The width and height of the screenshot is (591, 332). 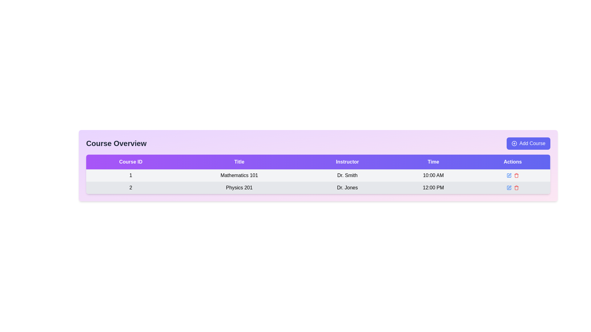 What do you see at coordinates (513, 187) in the screenshot?
I see `the second icon button in the 'Actions' column of the second row to invoke the delete action` at bounding box center [513, 187].